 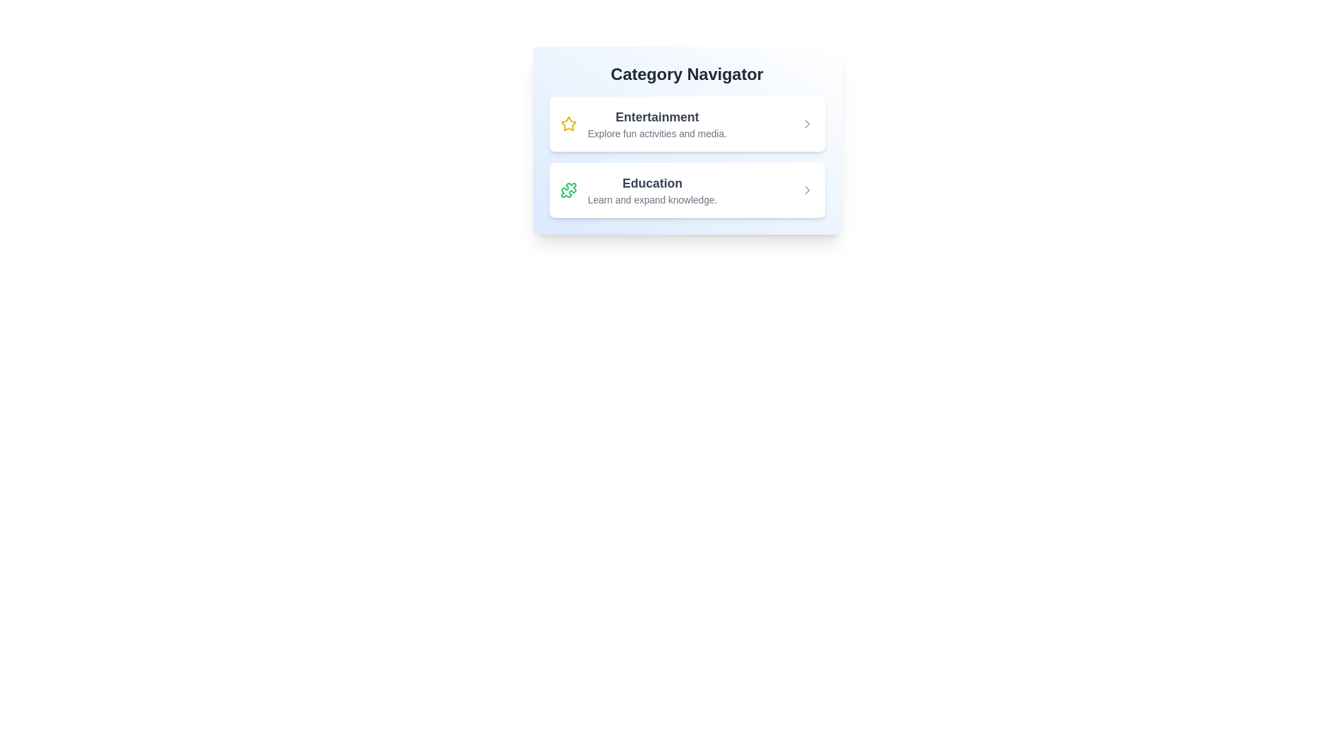 What do you see at coordinates (687, 190) in the screenshot?
I see `the second item in the Navigation list, which provides a navigational option for education` at bounding box center [687, 190].